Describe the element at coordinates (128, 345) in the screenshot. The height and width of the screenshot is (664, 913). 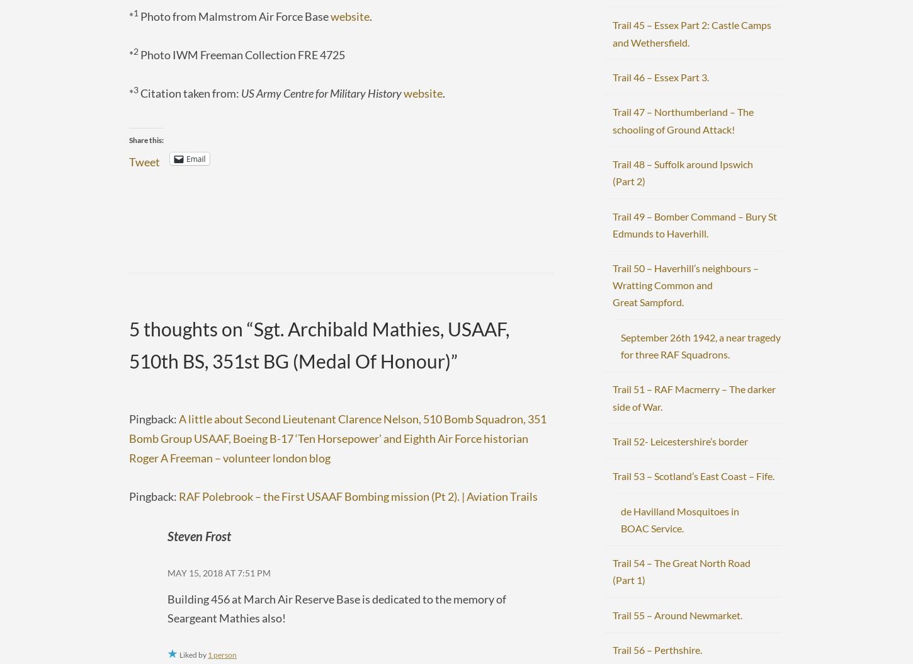
I see `'Sgt. Archibald Mathies, USAAF, 510th BS, 351st BG (Medal Of Honour)'` at that location.